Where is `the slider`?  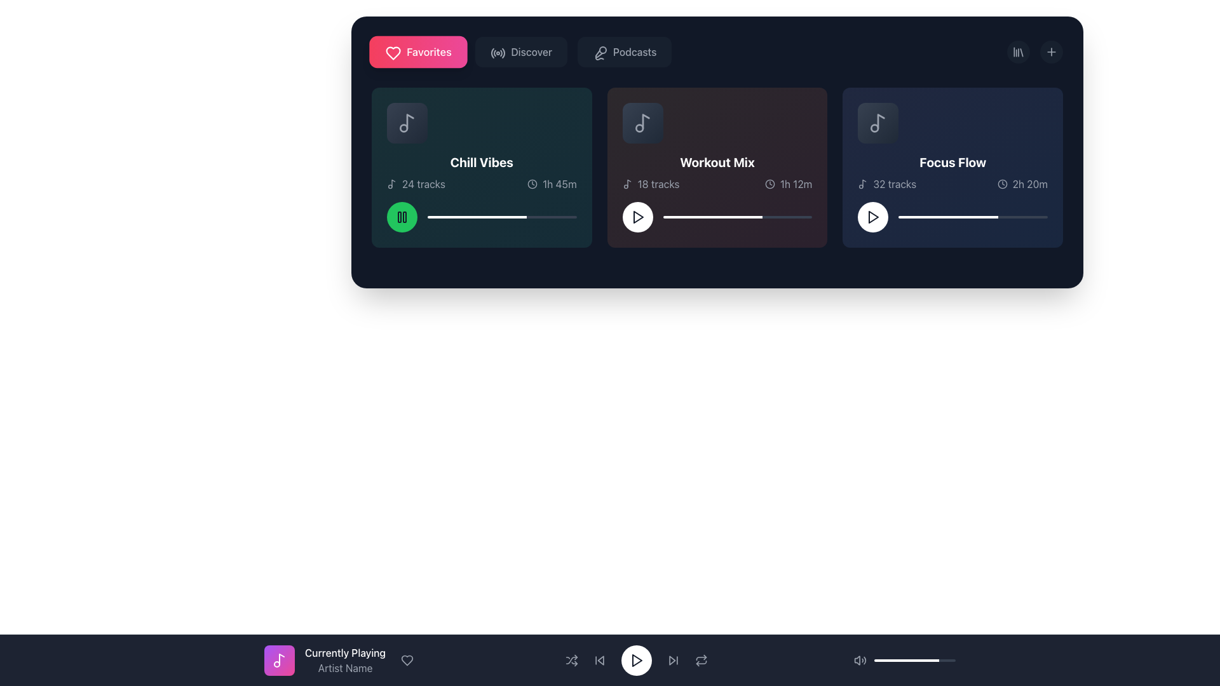
the slider is located at coordinates (773, 217).